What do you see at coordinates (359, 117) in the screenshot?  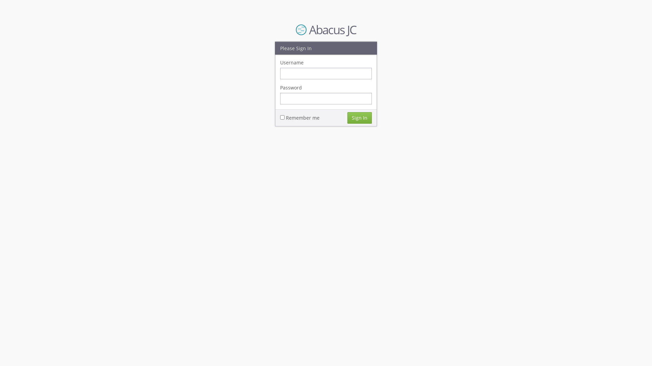 I see `'Sign In'` at bounding box center [359, 117].